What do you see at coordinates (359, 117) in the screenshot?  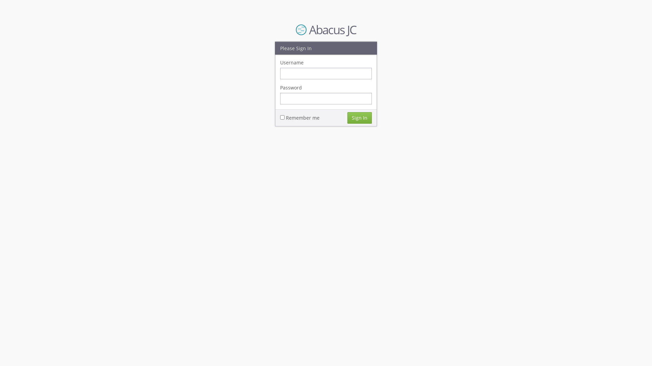 I see `'Sign In'` at bounding box center [359, 117].